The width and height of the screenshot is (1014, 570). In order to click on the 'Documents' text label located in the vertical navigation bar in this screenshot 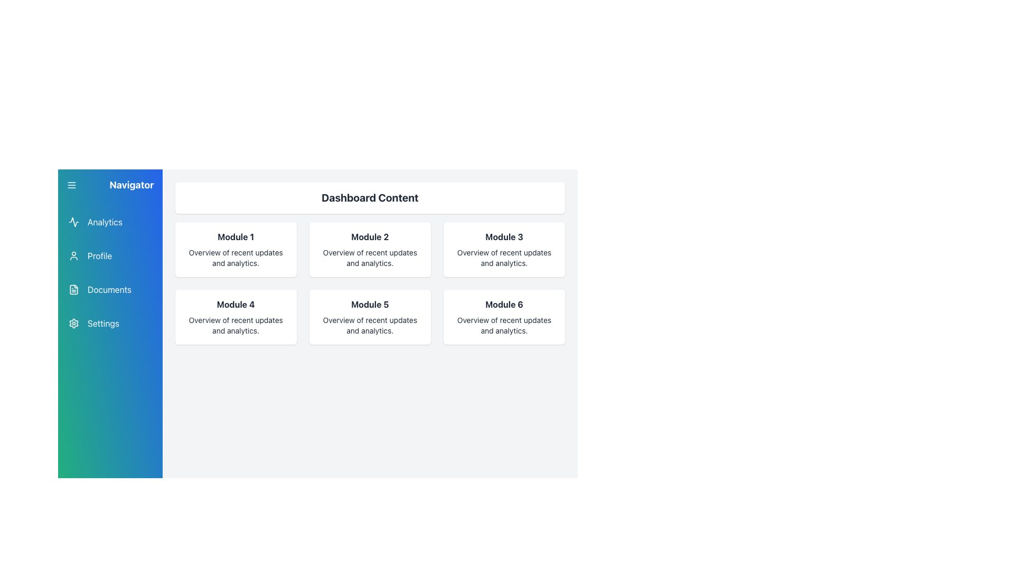, I will do `click(109, 289)`.